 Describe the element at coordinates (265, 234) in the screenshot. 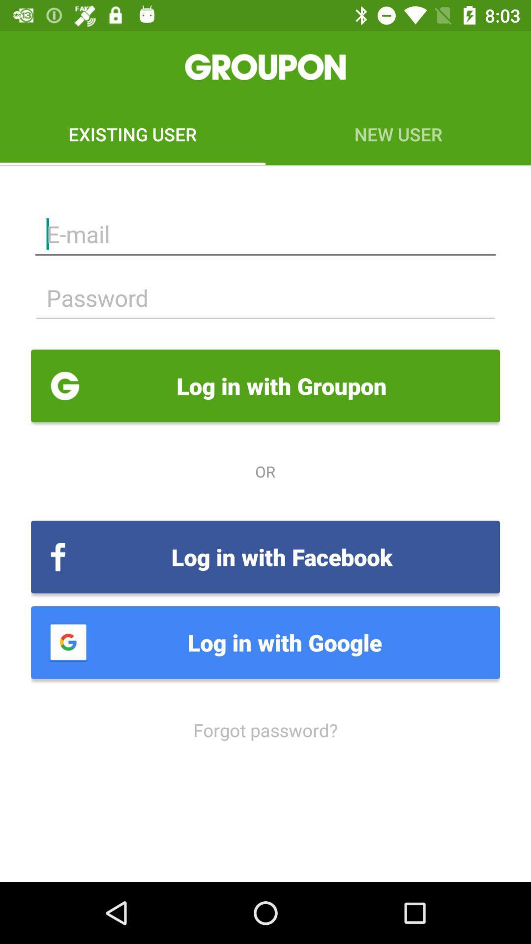

I see `email address` at that location.